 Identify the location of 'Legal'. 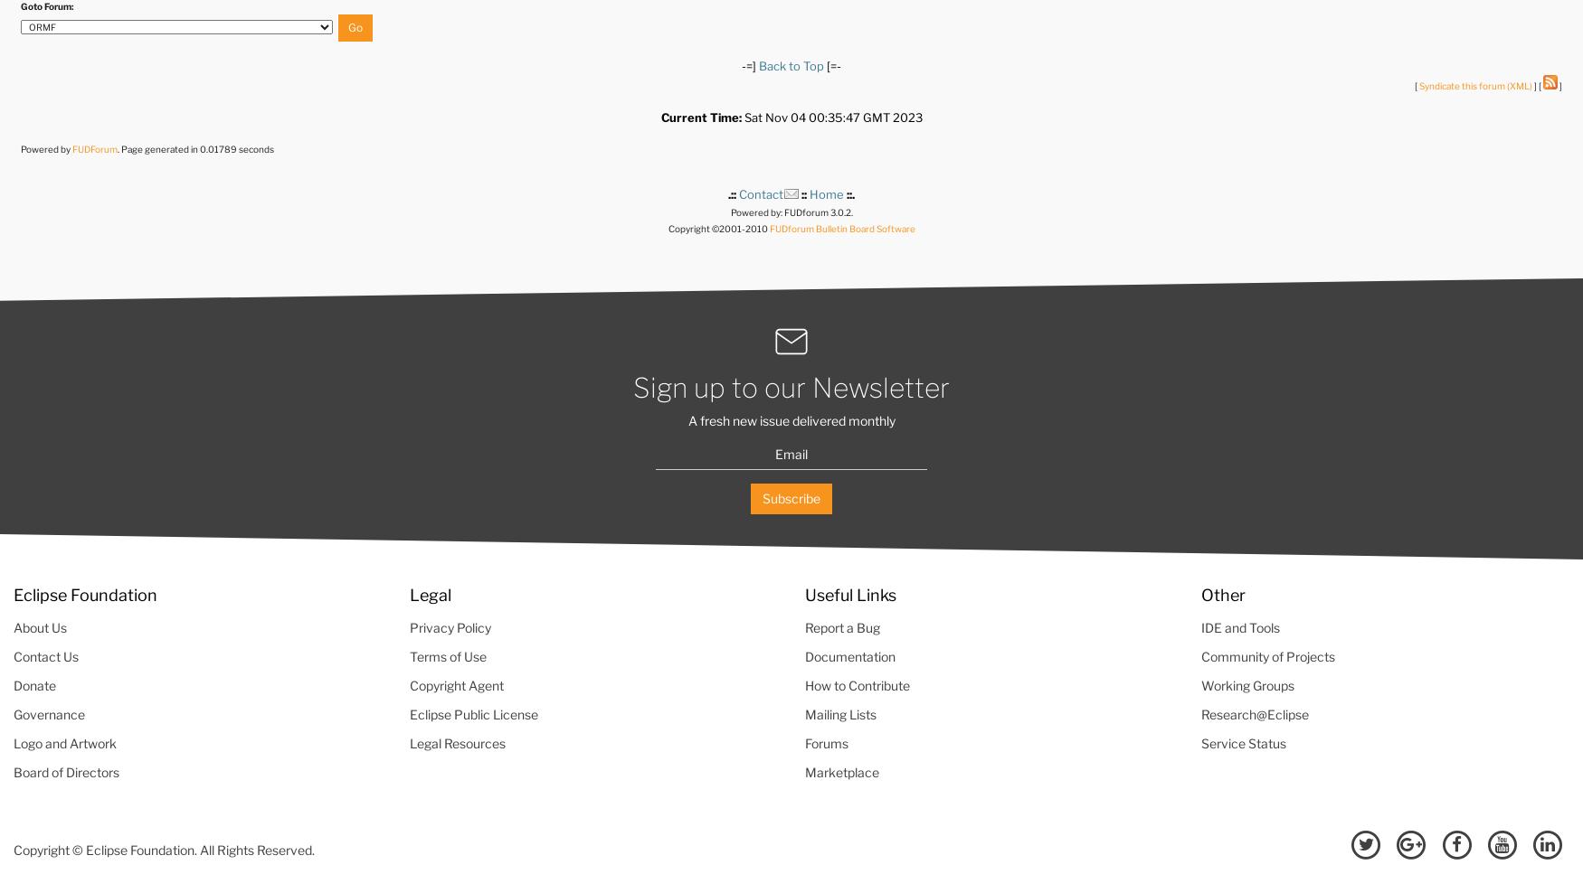
(429, 593).